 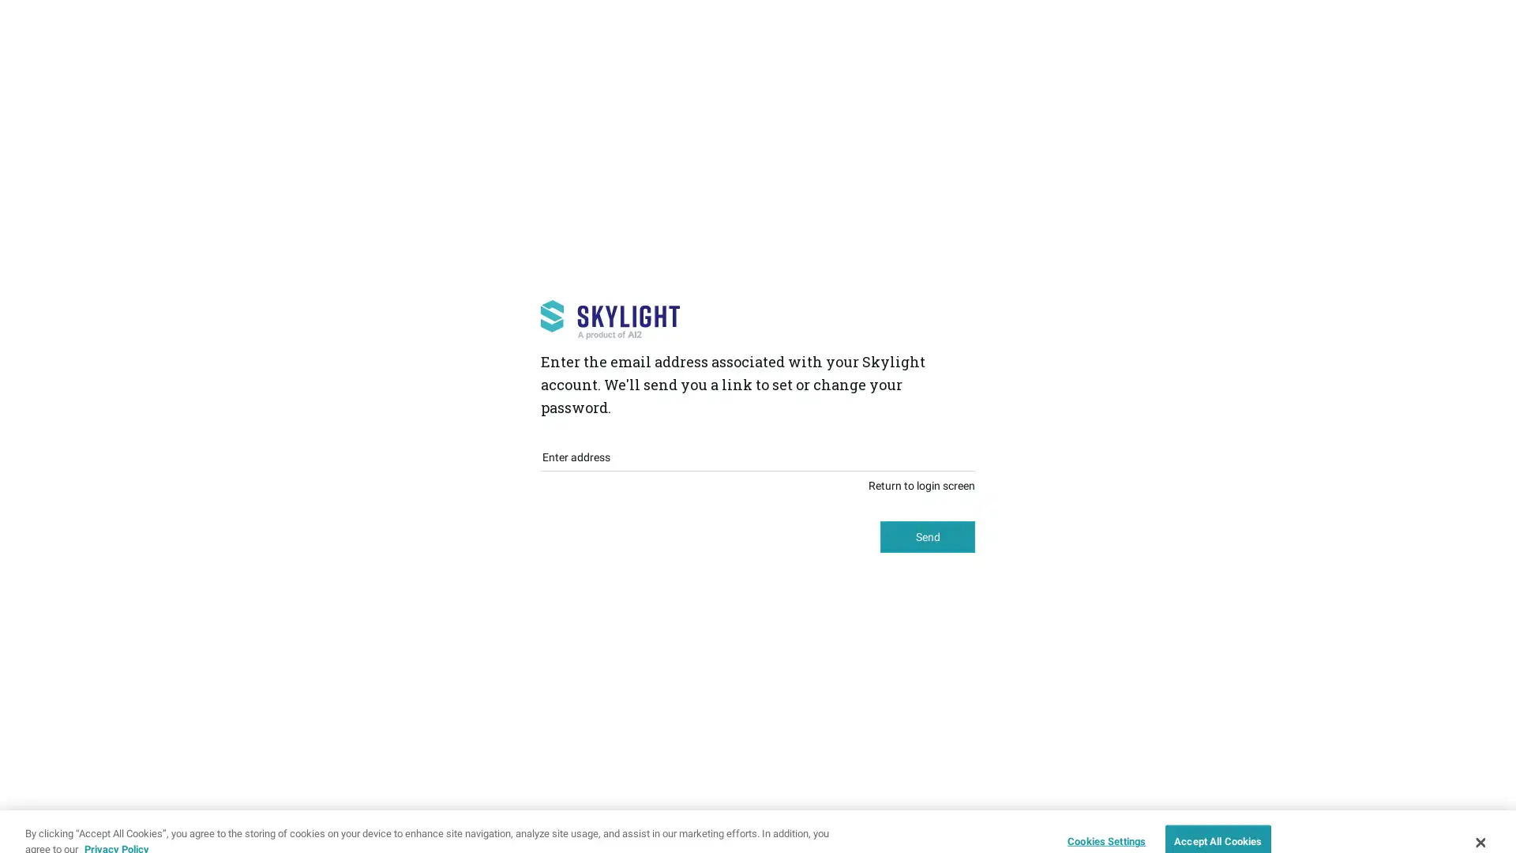 I want to click on Close, so click(x=1479, y=818).